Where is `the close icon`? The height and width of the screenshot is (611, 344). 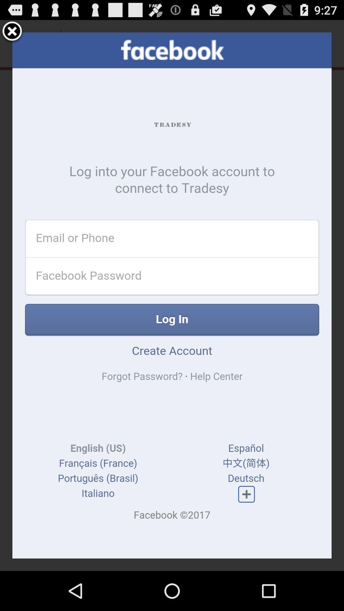 the close icon is located at coordinates (12, 34).